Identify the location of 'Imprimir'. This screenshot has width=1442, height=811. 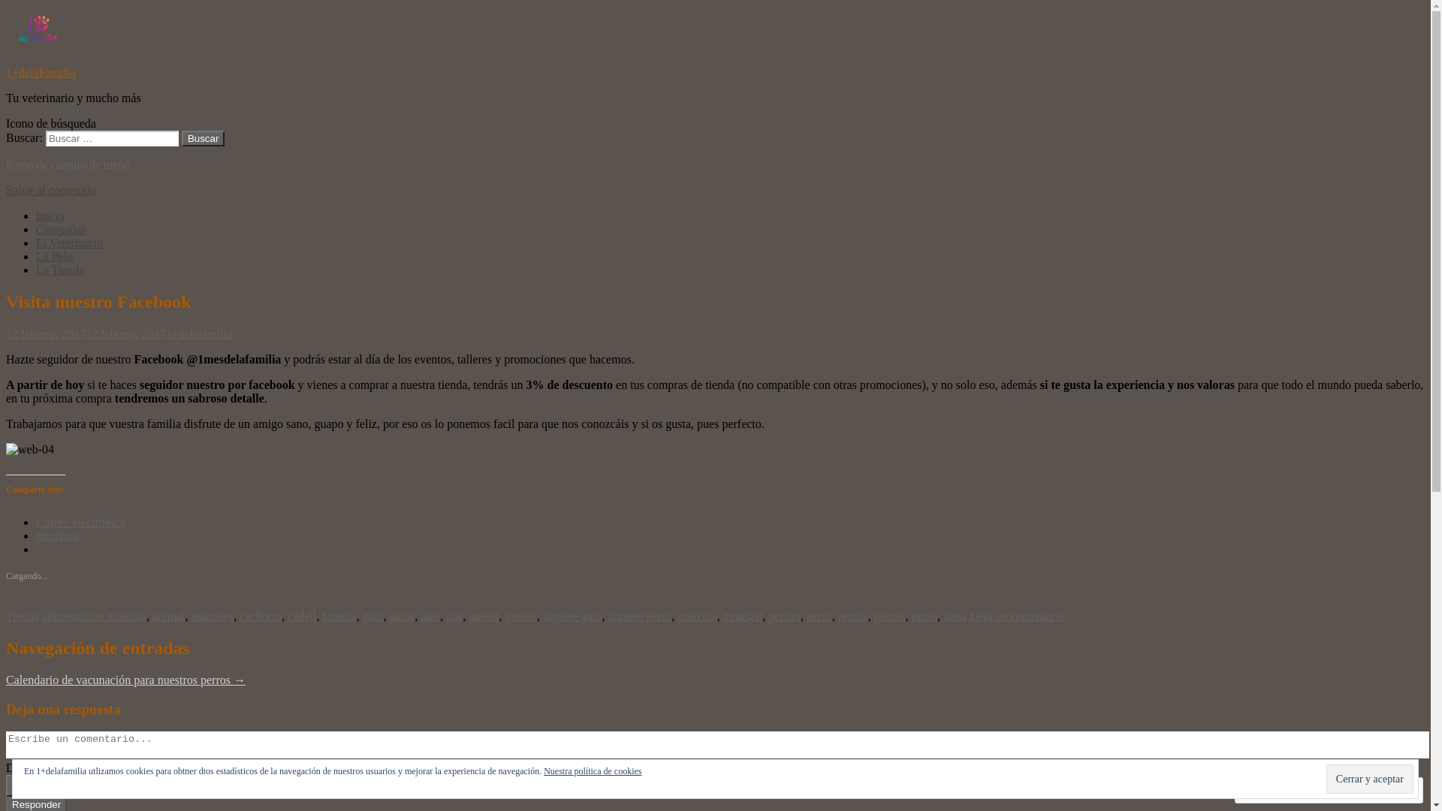
(57, 535).